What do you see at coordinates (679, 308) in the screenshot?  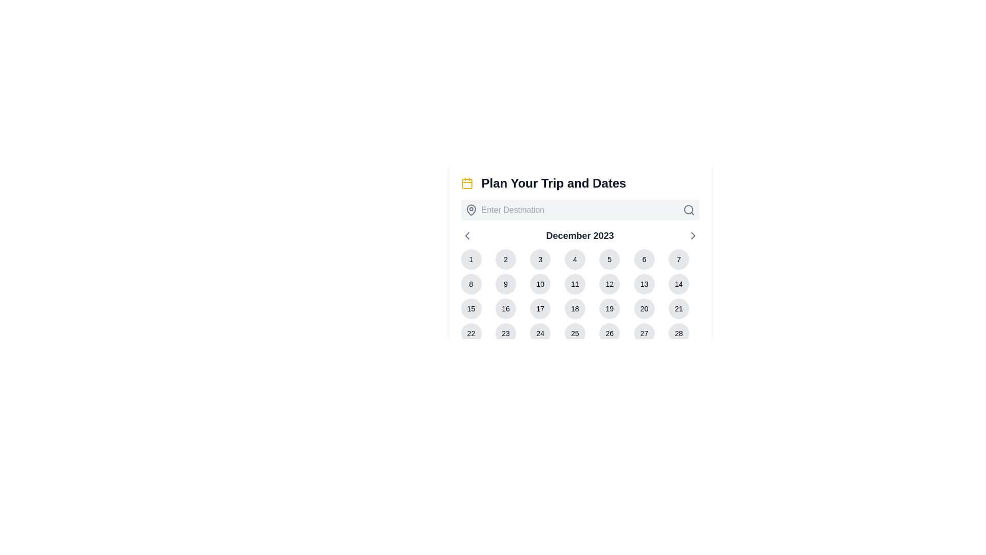 I see `the seventh button` at bounding box center [679, 308].